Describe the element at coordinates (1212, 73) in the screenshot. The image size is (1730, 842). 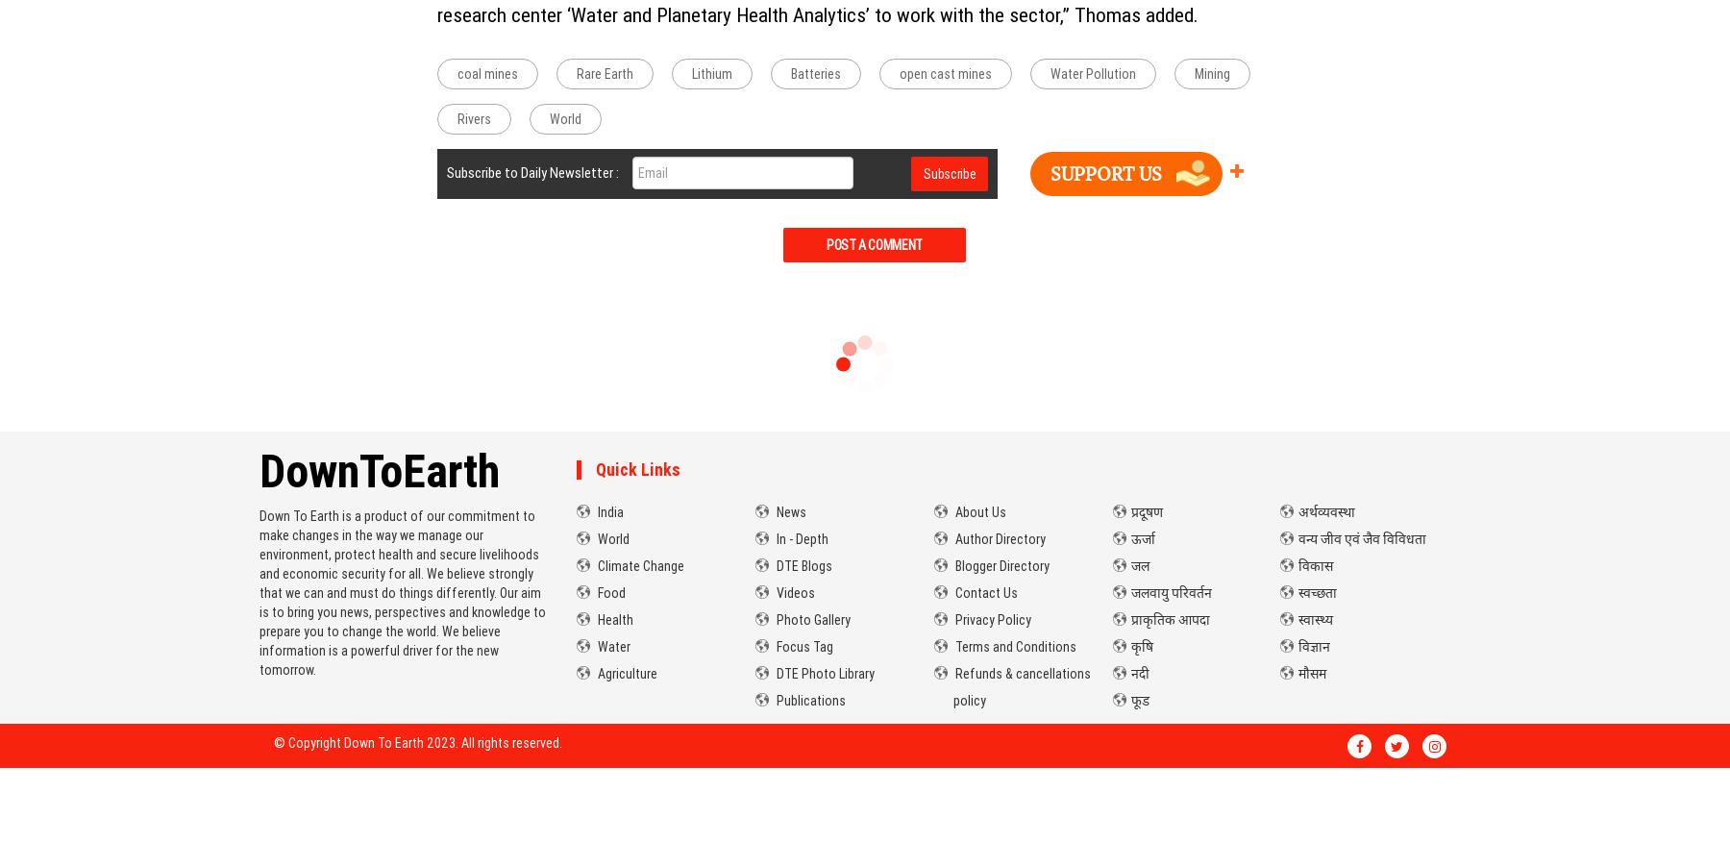
I see `'Mining'` at that location.